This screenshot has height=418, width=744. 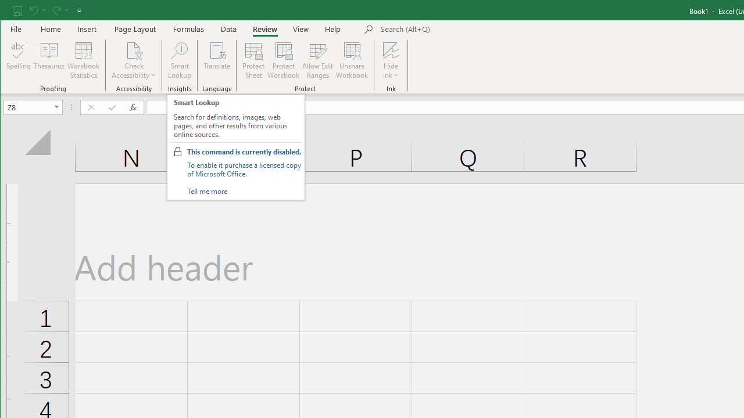 I want to click on 'Hide Ink', so click(x=391, y=60).